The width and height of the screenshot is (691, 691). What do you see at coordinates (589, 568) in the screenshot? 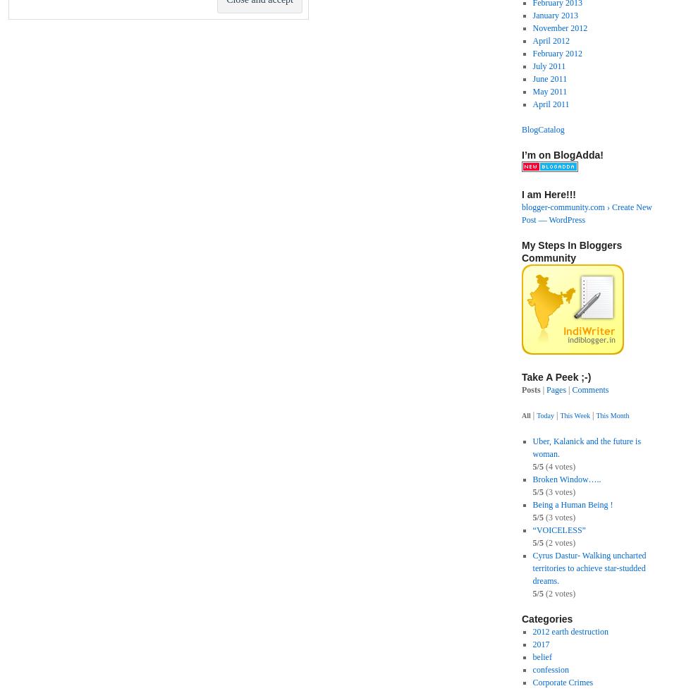
I see `'Cyrus Dastur- Walking uncharted territories to achieve star-studded dreams.'` at bounding box center [589, 568].